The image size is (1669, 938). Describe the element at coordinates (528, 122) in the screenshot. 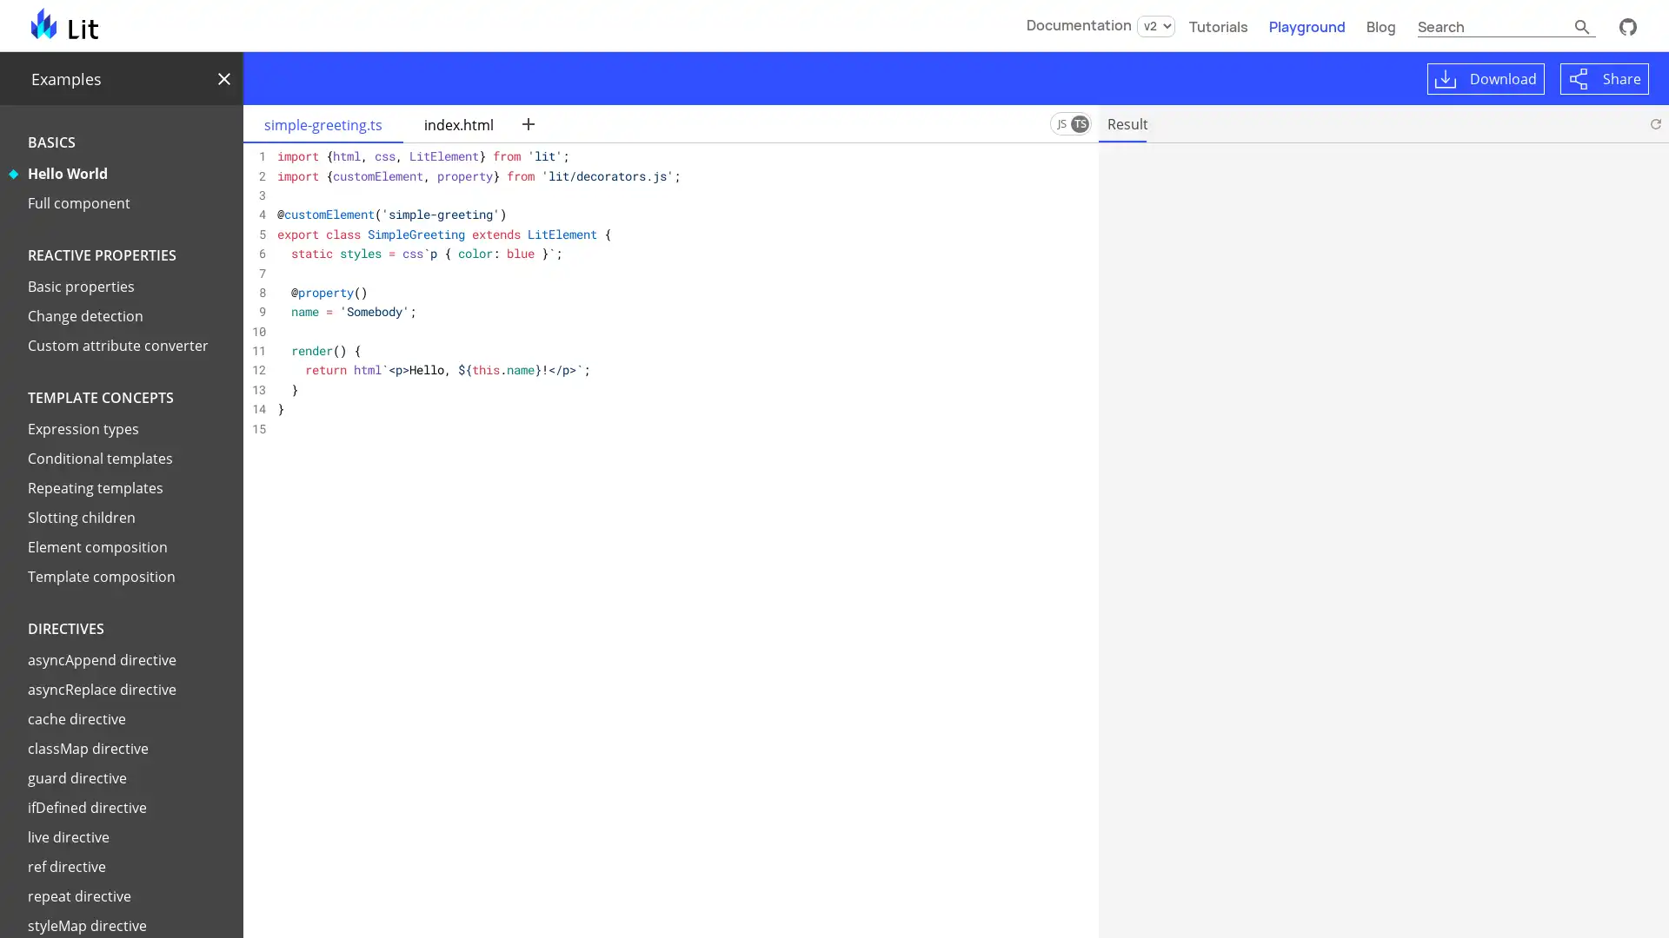

I see `New file` at that location.